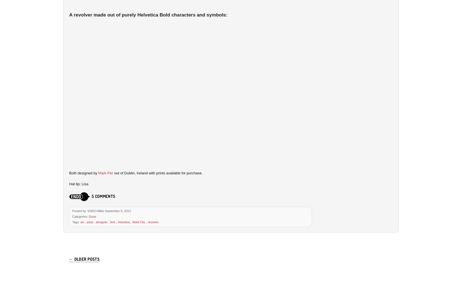 The height and width of the screenshot is (285, 462). What do you see at coordinates (88, 216) in the screenshot?
I see `'Guns'` at bounding box center [88, 216].